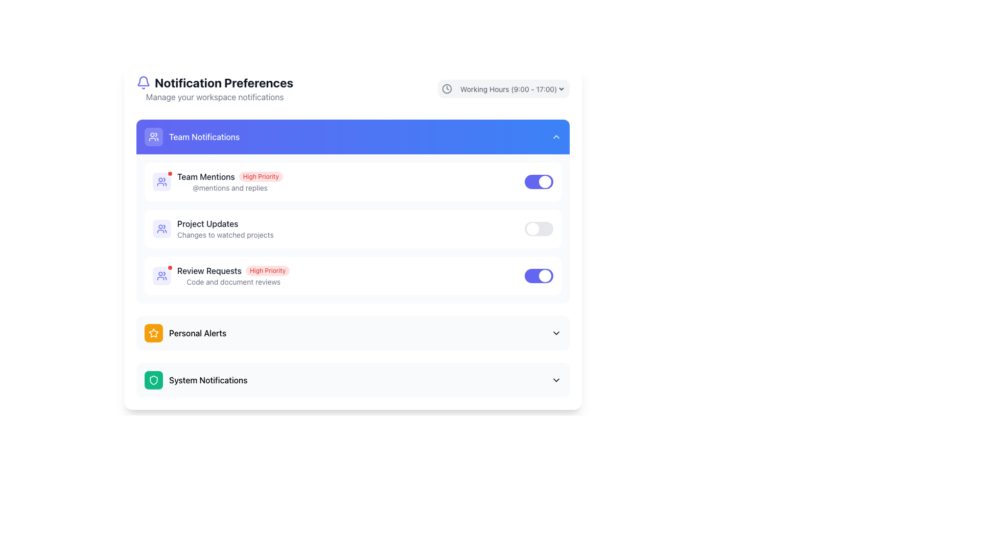 The width and height of the screenshot is (981, 552). Describe the element at coordinates (153, 333) in the screenshot. I see `the star icon with an orange outline and white fill located in the 'Personal Alerts' section of the notifications preferences menu` at that location.